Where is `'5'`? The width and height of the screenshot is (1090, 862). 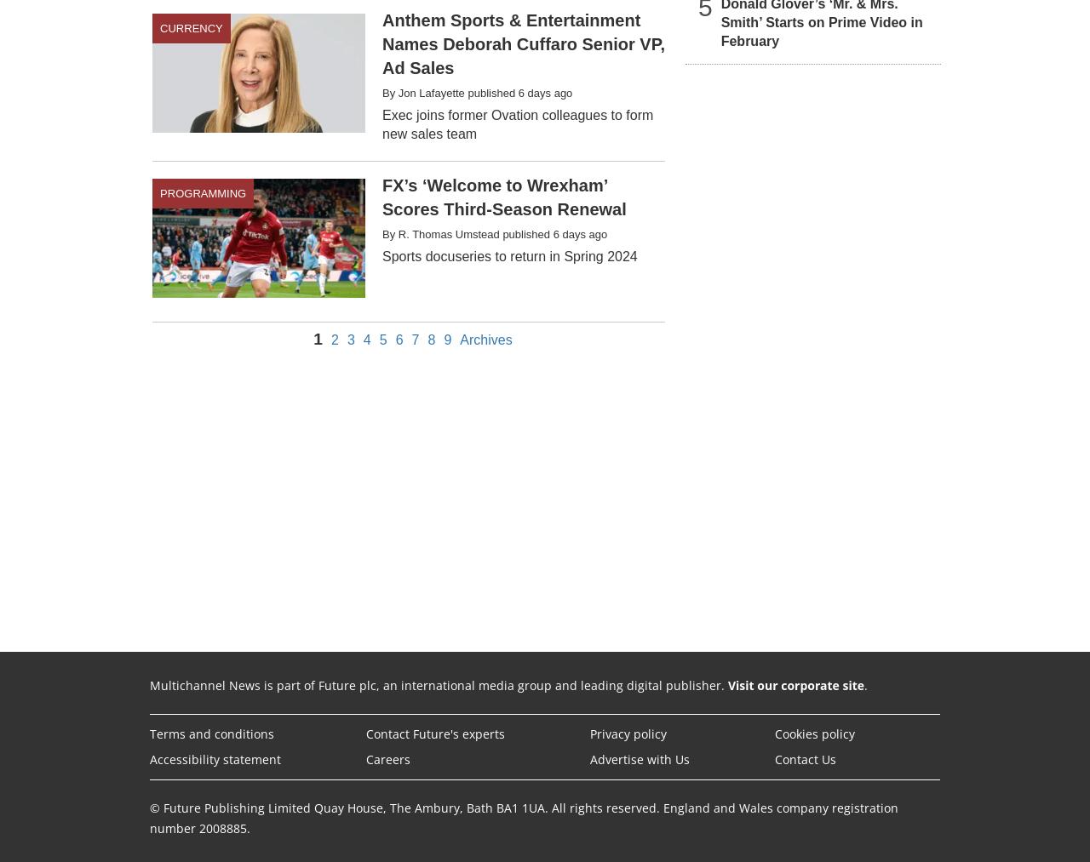 '5' is located at coordinates (381, 339).